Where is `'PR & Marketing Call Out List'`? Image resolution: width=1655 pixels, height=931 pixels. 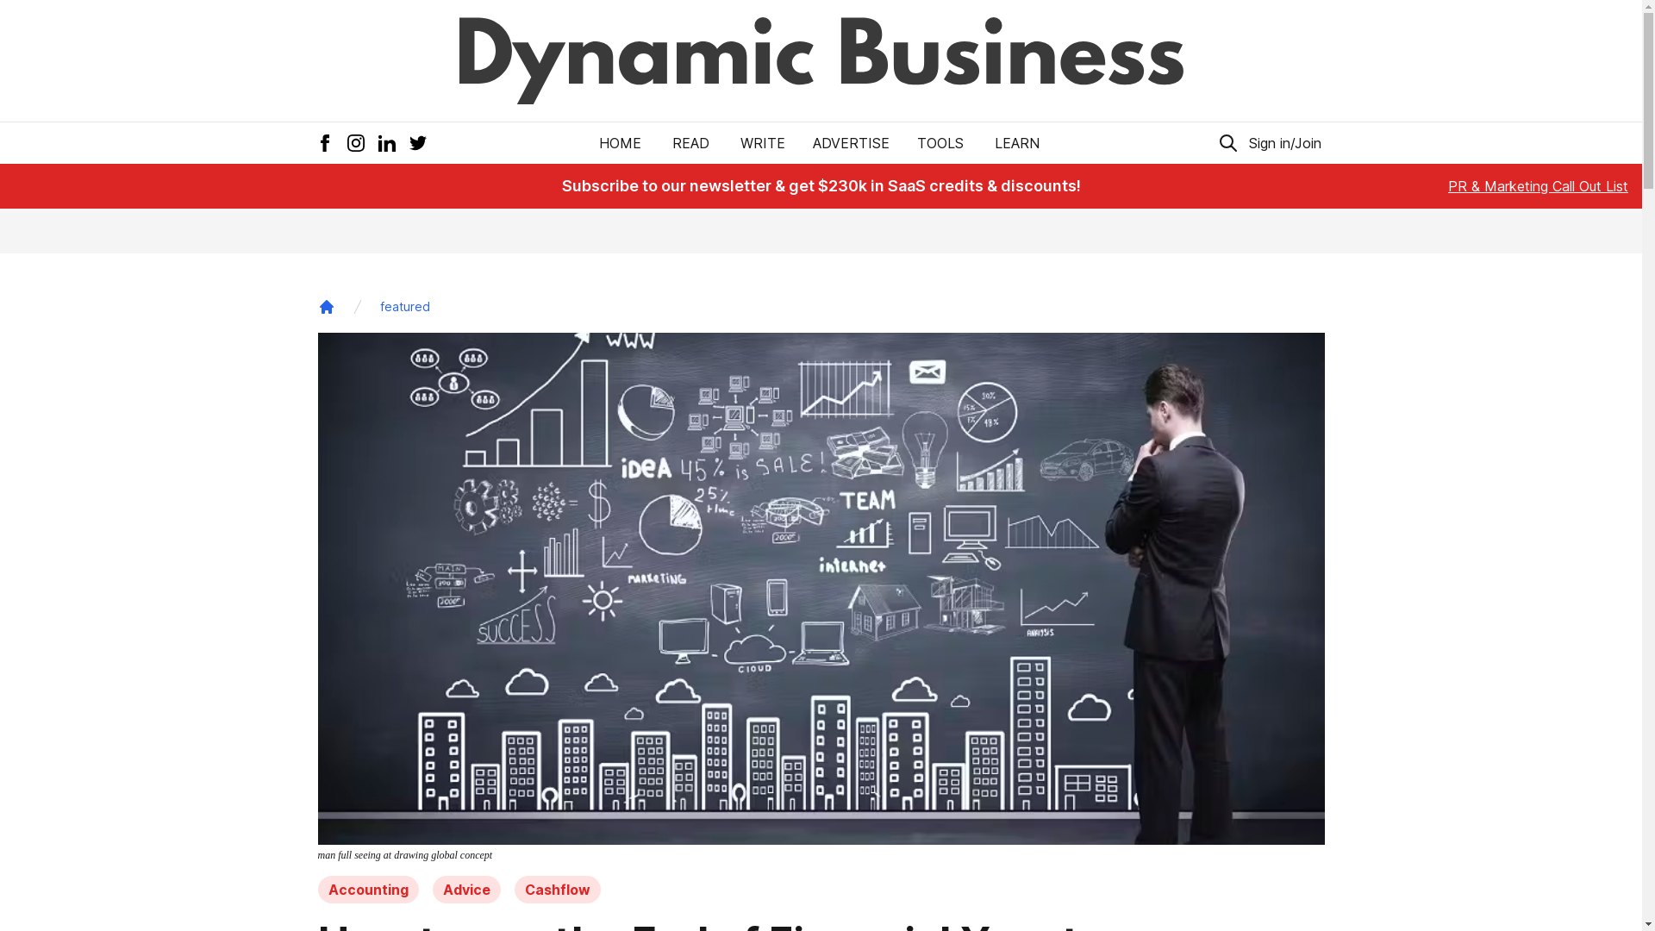
'PR & Marketing Call Out List' is located at coordinates (1538, 186).